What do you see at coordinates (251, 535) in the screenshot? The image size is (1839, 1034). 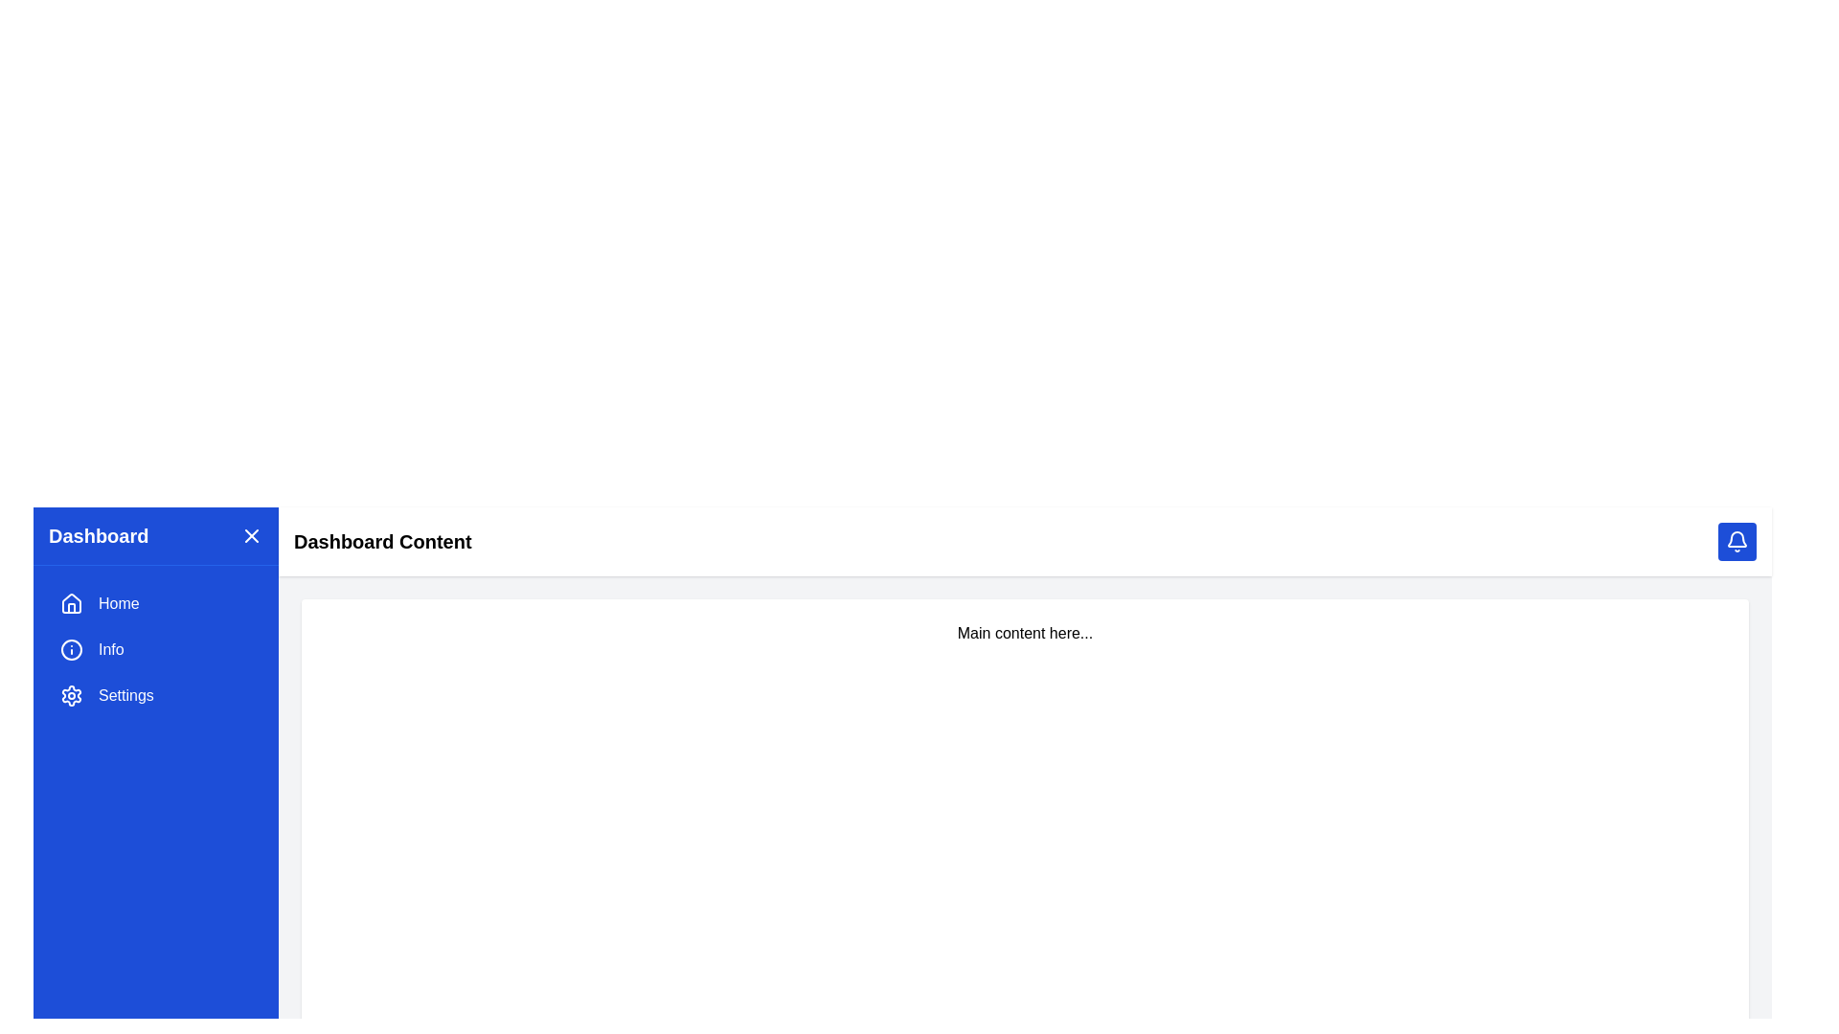 I see `the close button represented by a white 'X' icon in the top right corner of the blue sidebar header labeled 'Dashboard'` at bounding box center [251, 535].